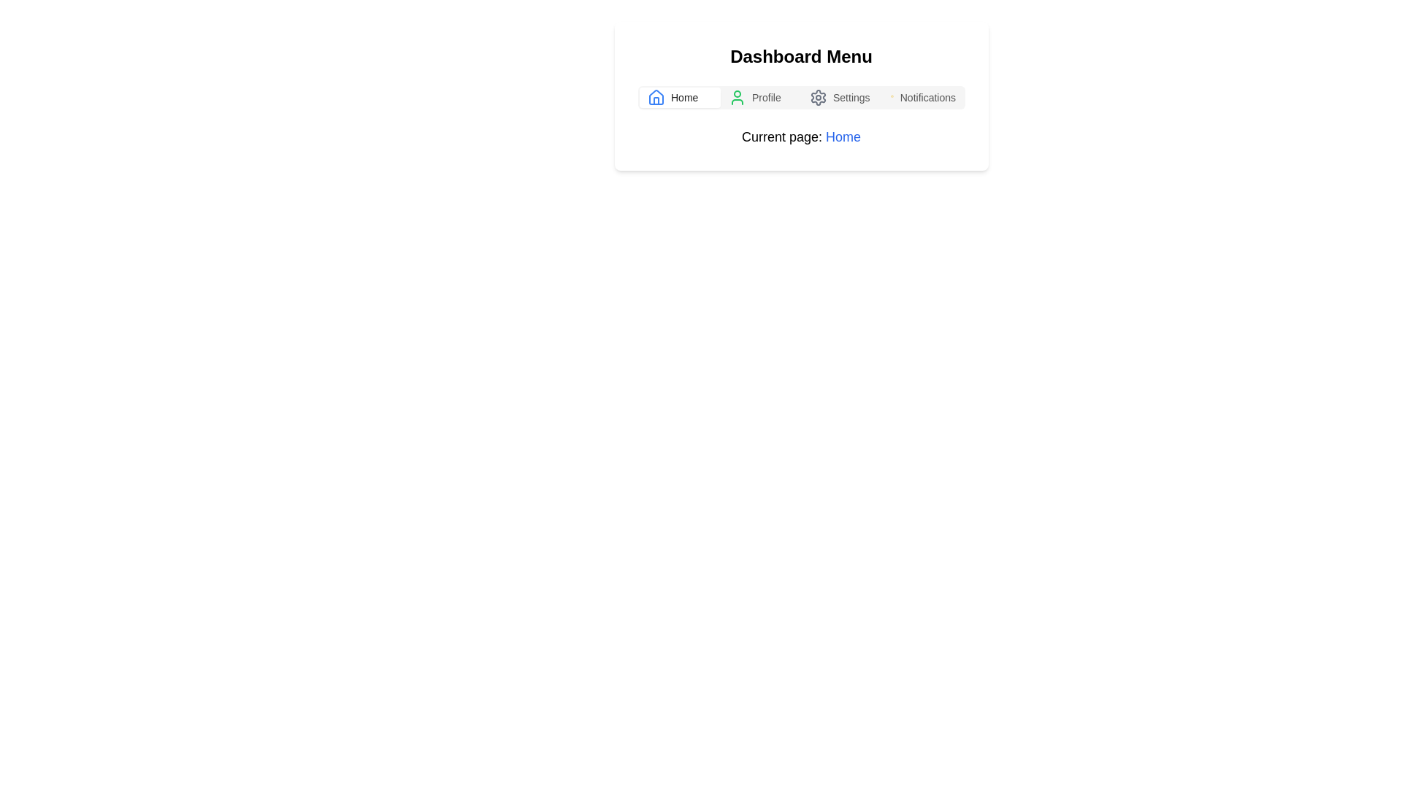  Describe the element at coordinates (800, 98) in the screenshot. I see `the segmented control displaying 'Home', 'Profile', 'Settings', and 'Notifications'` at that location.